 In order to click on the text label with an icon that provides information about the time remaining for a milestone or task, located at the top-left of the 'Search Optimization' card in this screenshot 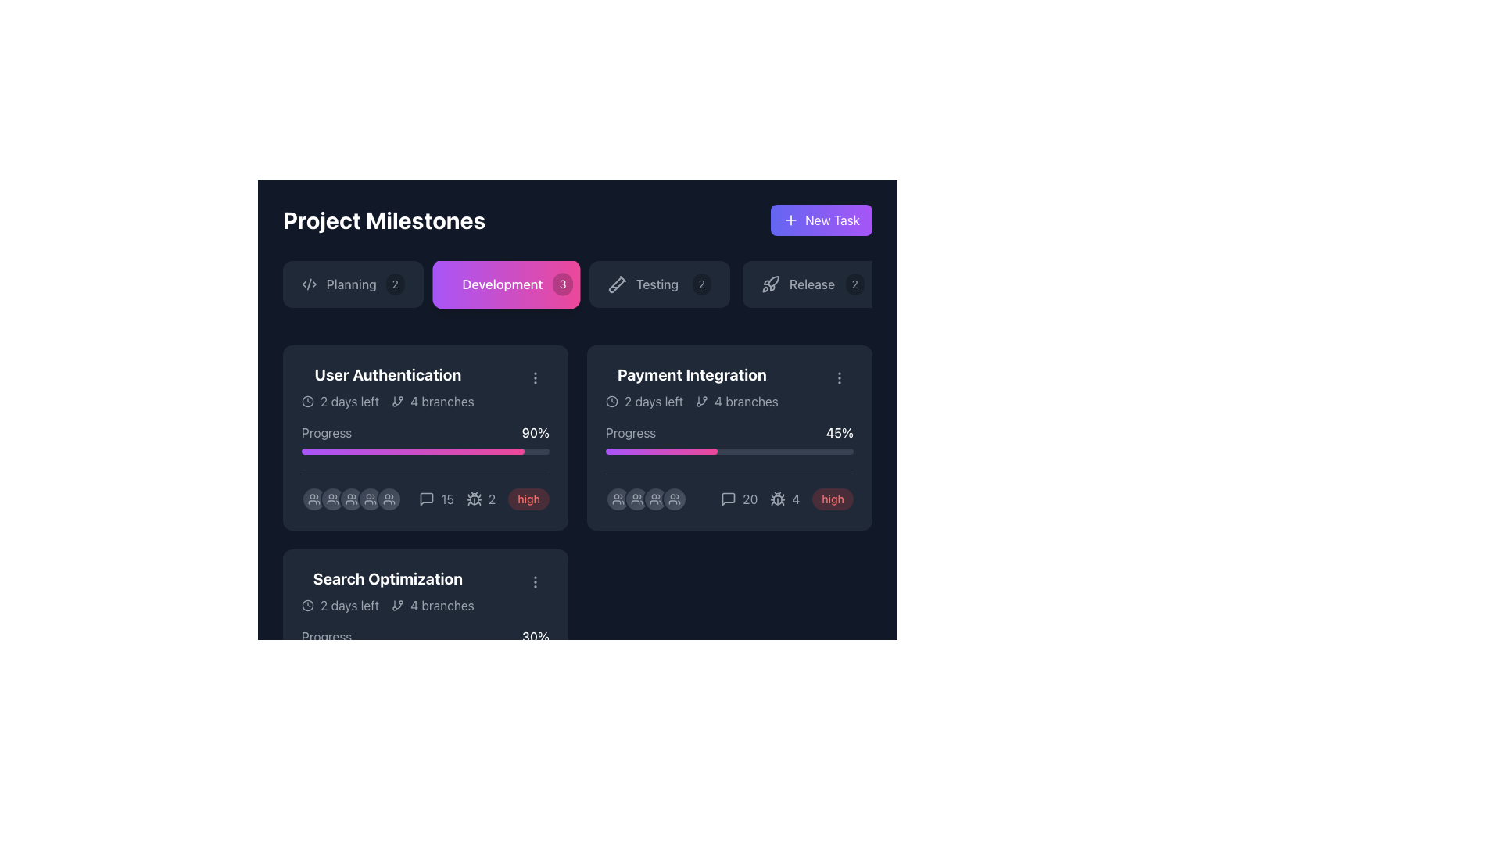, I will do `click(339, 605)`.